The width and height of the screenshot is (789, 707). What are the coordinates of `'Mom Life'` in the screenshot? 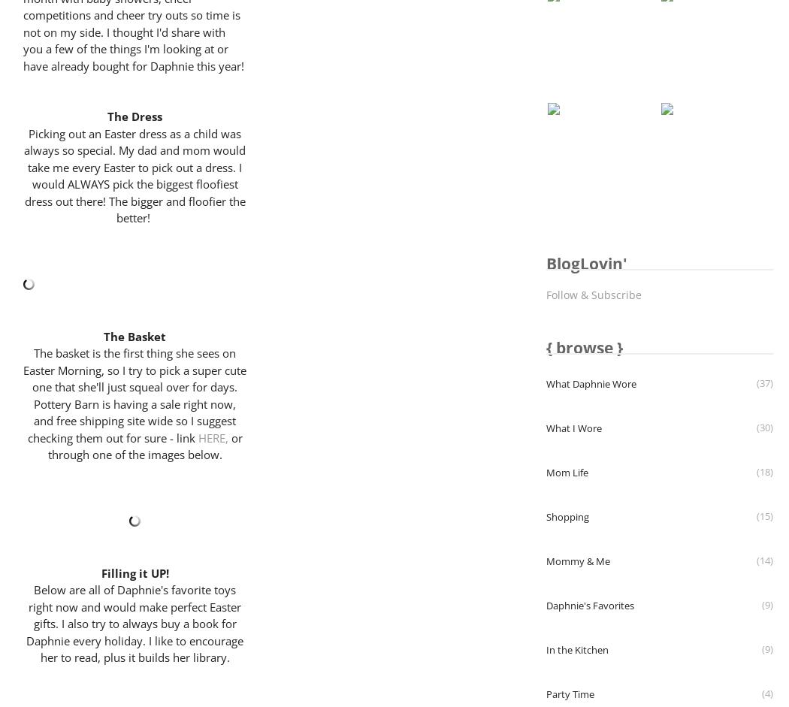 It's located at (567, 472).